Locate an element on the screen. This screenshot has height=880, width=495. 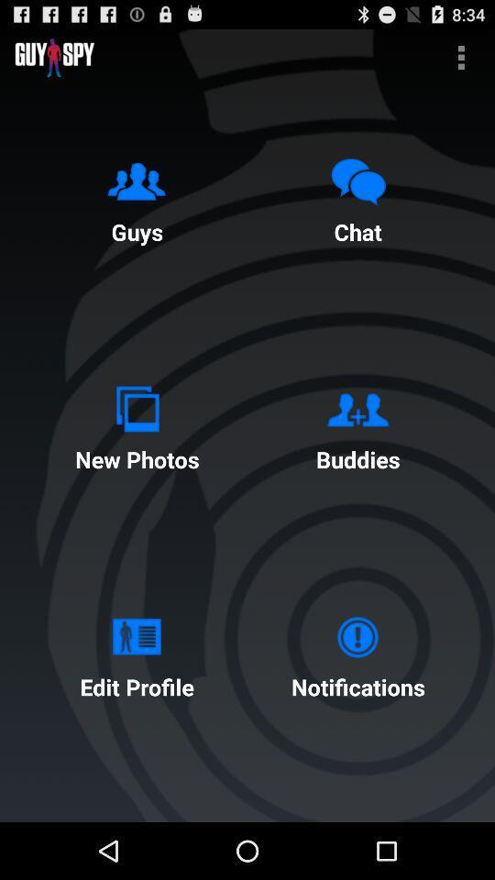
the item next to the new photos icon is located at coordinates (357, 424).